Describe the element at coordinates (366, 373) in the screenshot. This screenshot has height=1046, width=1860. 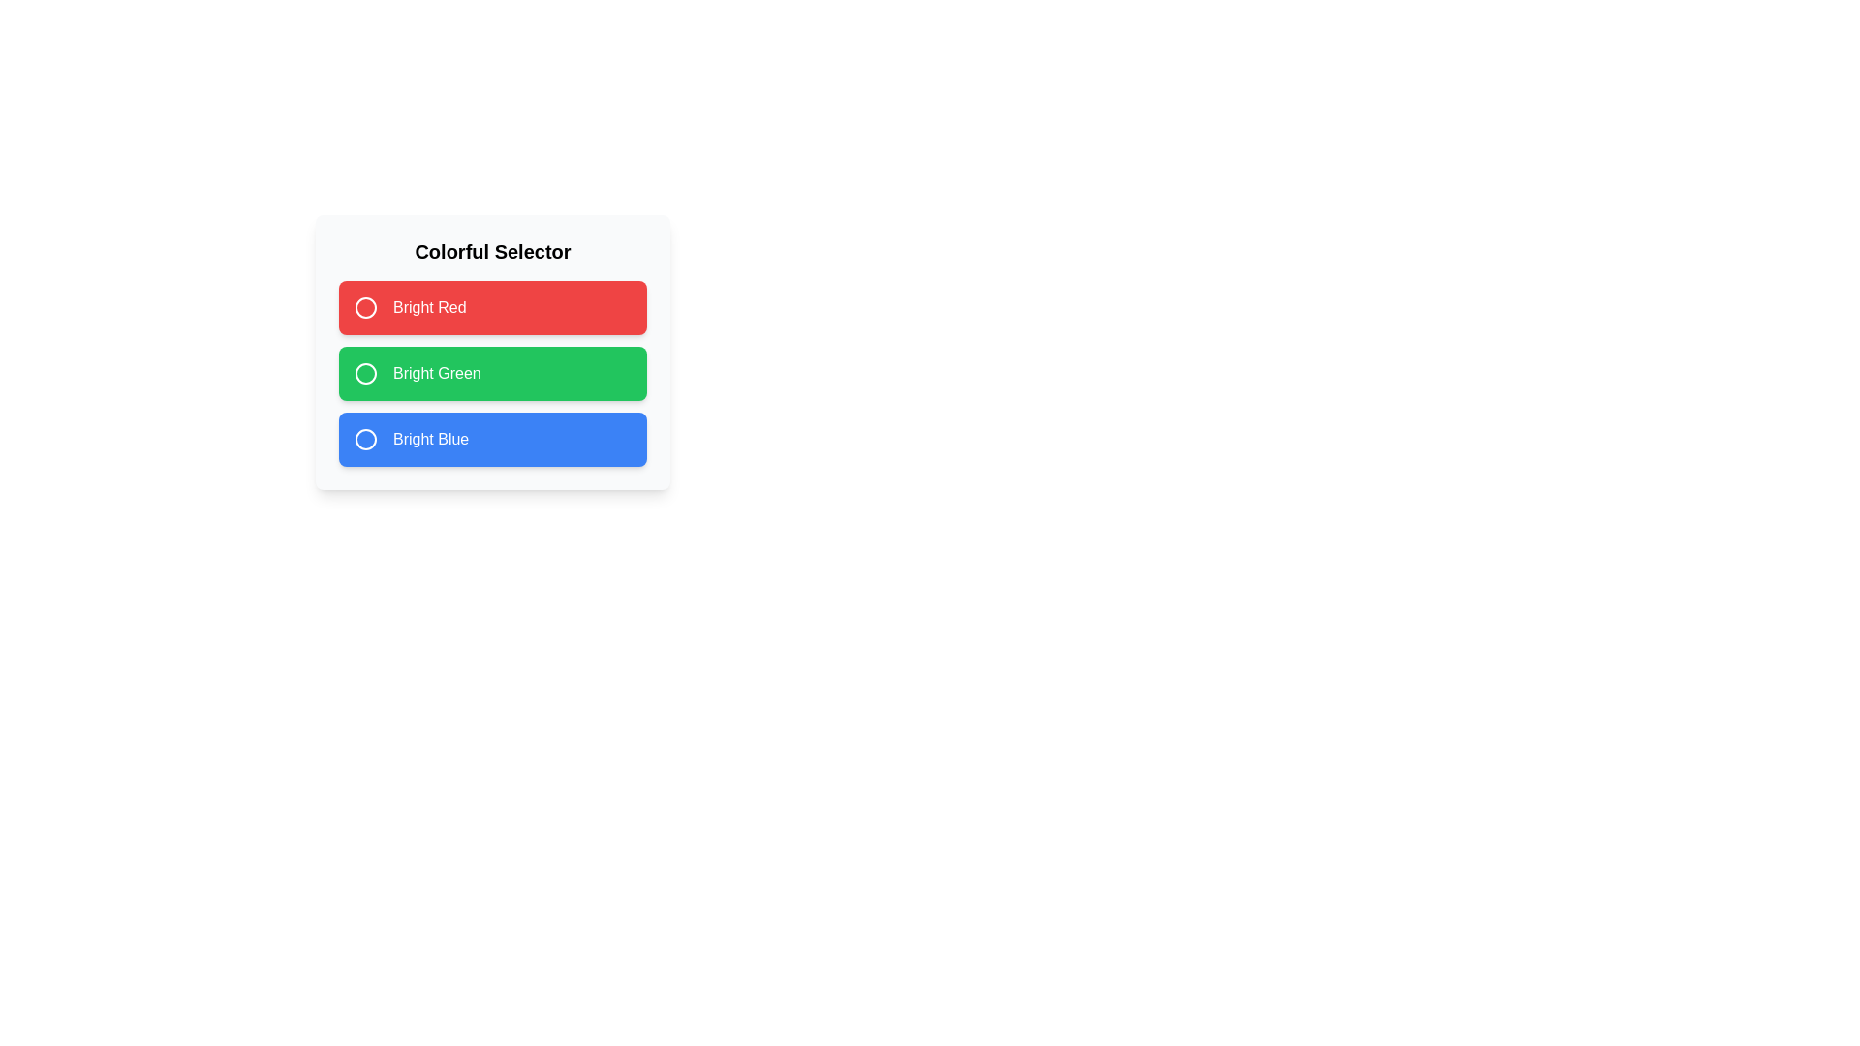
I see `the circular SVG radio button indicator with a green background and white border, located within the green rectangular card labeled 'Bright Green'` at that location.